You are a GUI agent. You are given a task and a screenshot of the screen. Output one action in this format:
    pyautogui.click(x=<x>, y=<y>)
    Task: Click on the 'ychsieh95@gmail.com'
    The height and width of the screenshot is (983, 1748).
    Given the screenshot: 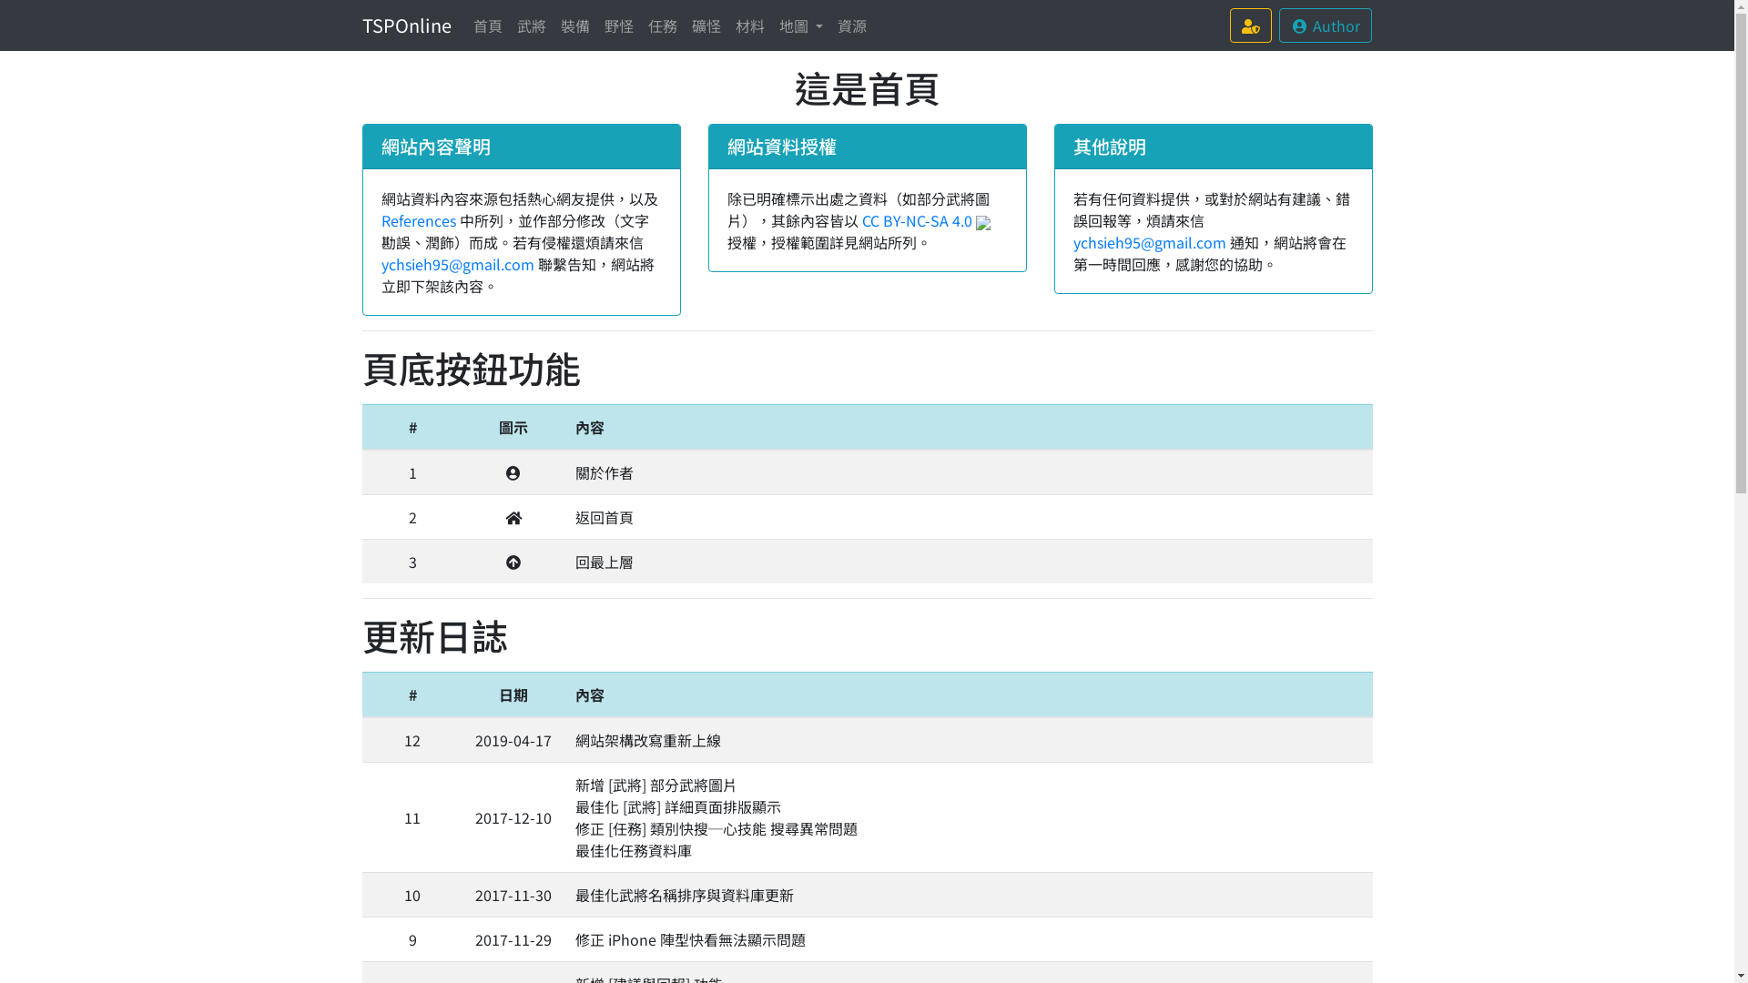 What is the action you would take?
    pyautogui.click(x=457, y=263)
    